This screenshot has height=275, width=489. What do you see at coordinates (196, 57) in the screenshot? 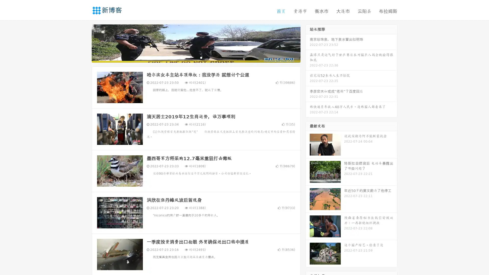
I see `Go to slide 2` at bounding box center [196, 57].